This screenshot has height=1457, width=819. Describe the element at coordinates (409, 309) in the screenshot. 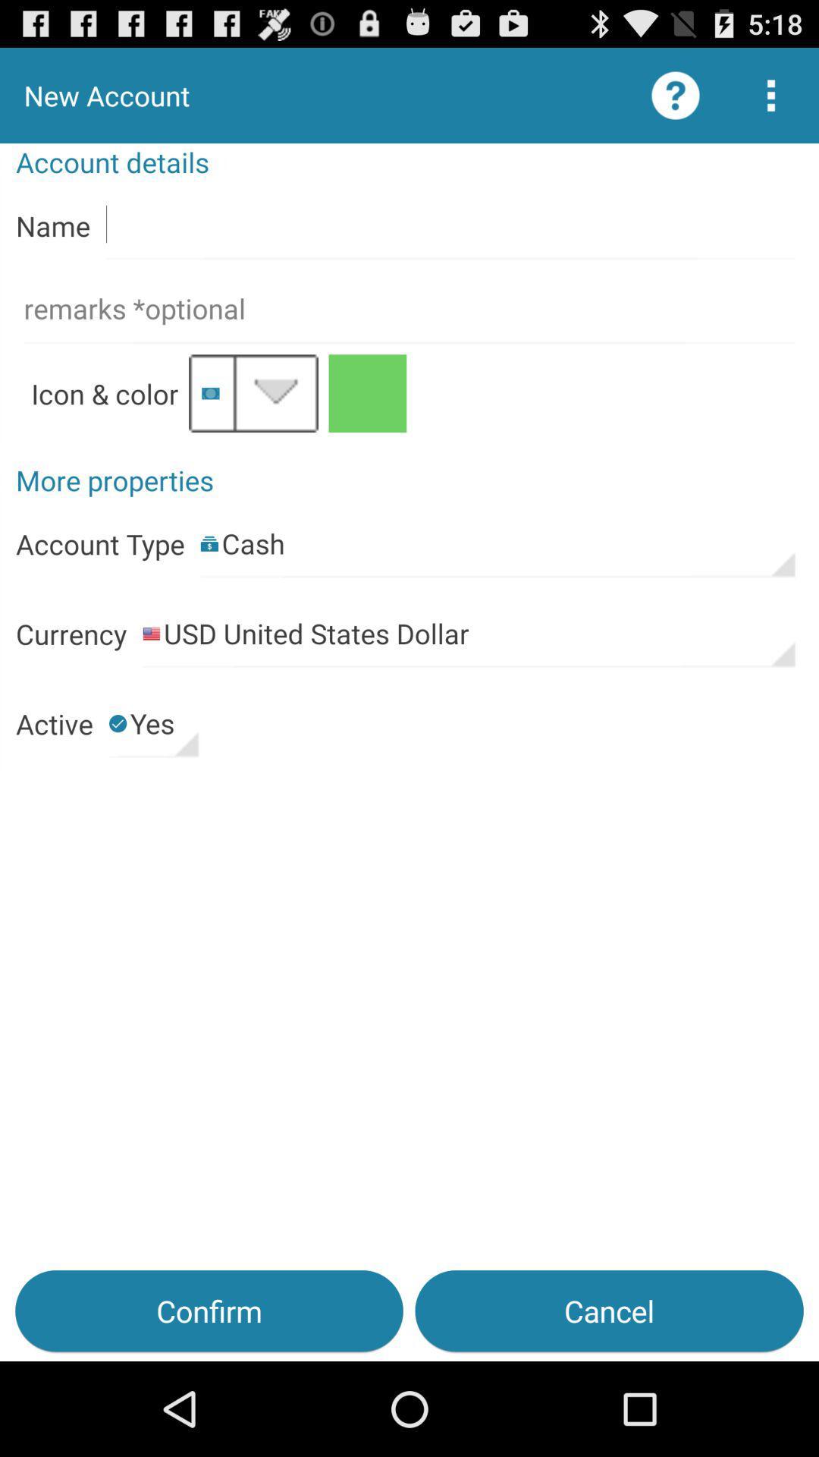

I see `remars` at that location.